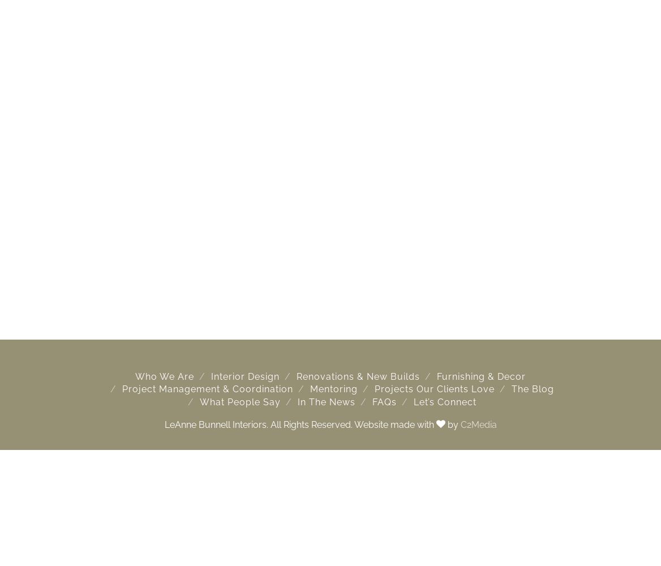  What do you see at coordinates (444, 401) in the screenshot?
I see `'Let’s Connect'` at bounding box center [444, 401].